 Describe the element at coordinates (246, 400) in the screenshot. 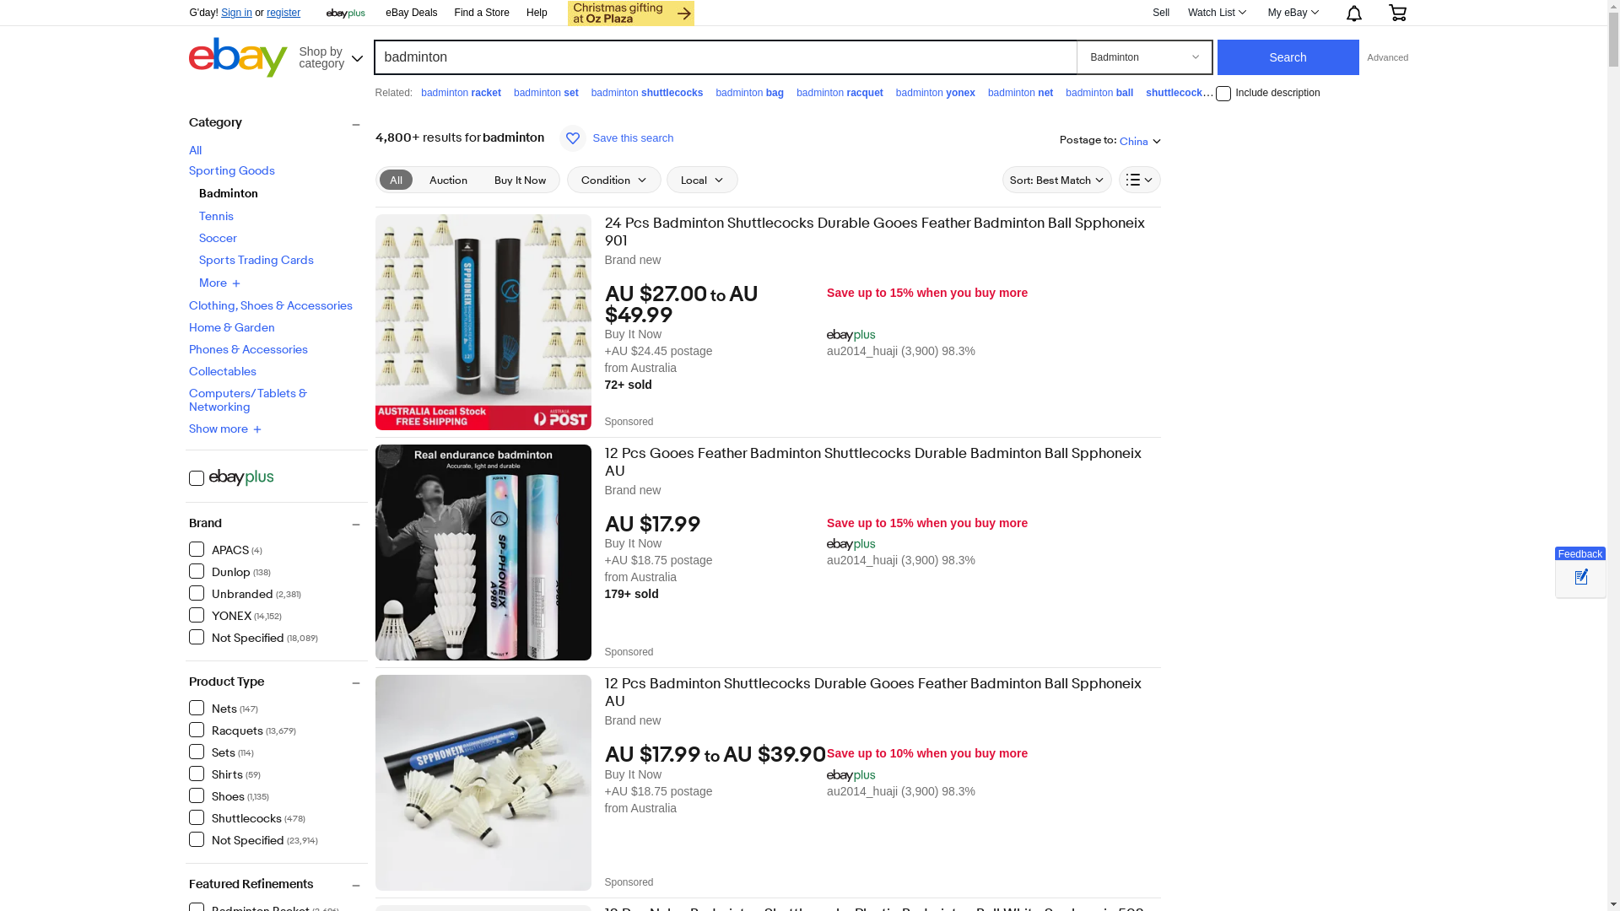

I see `'Computers/Tablets & Networking'` at that location.